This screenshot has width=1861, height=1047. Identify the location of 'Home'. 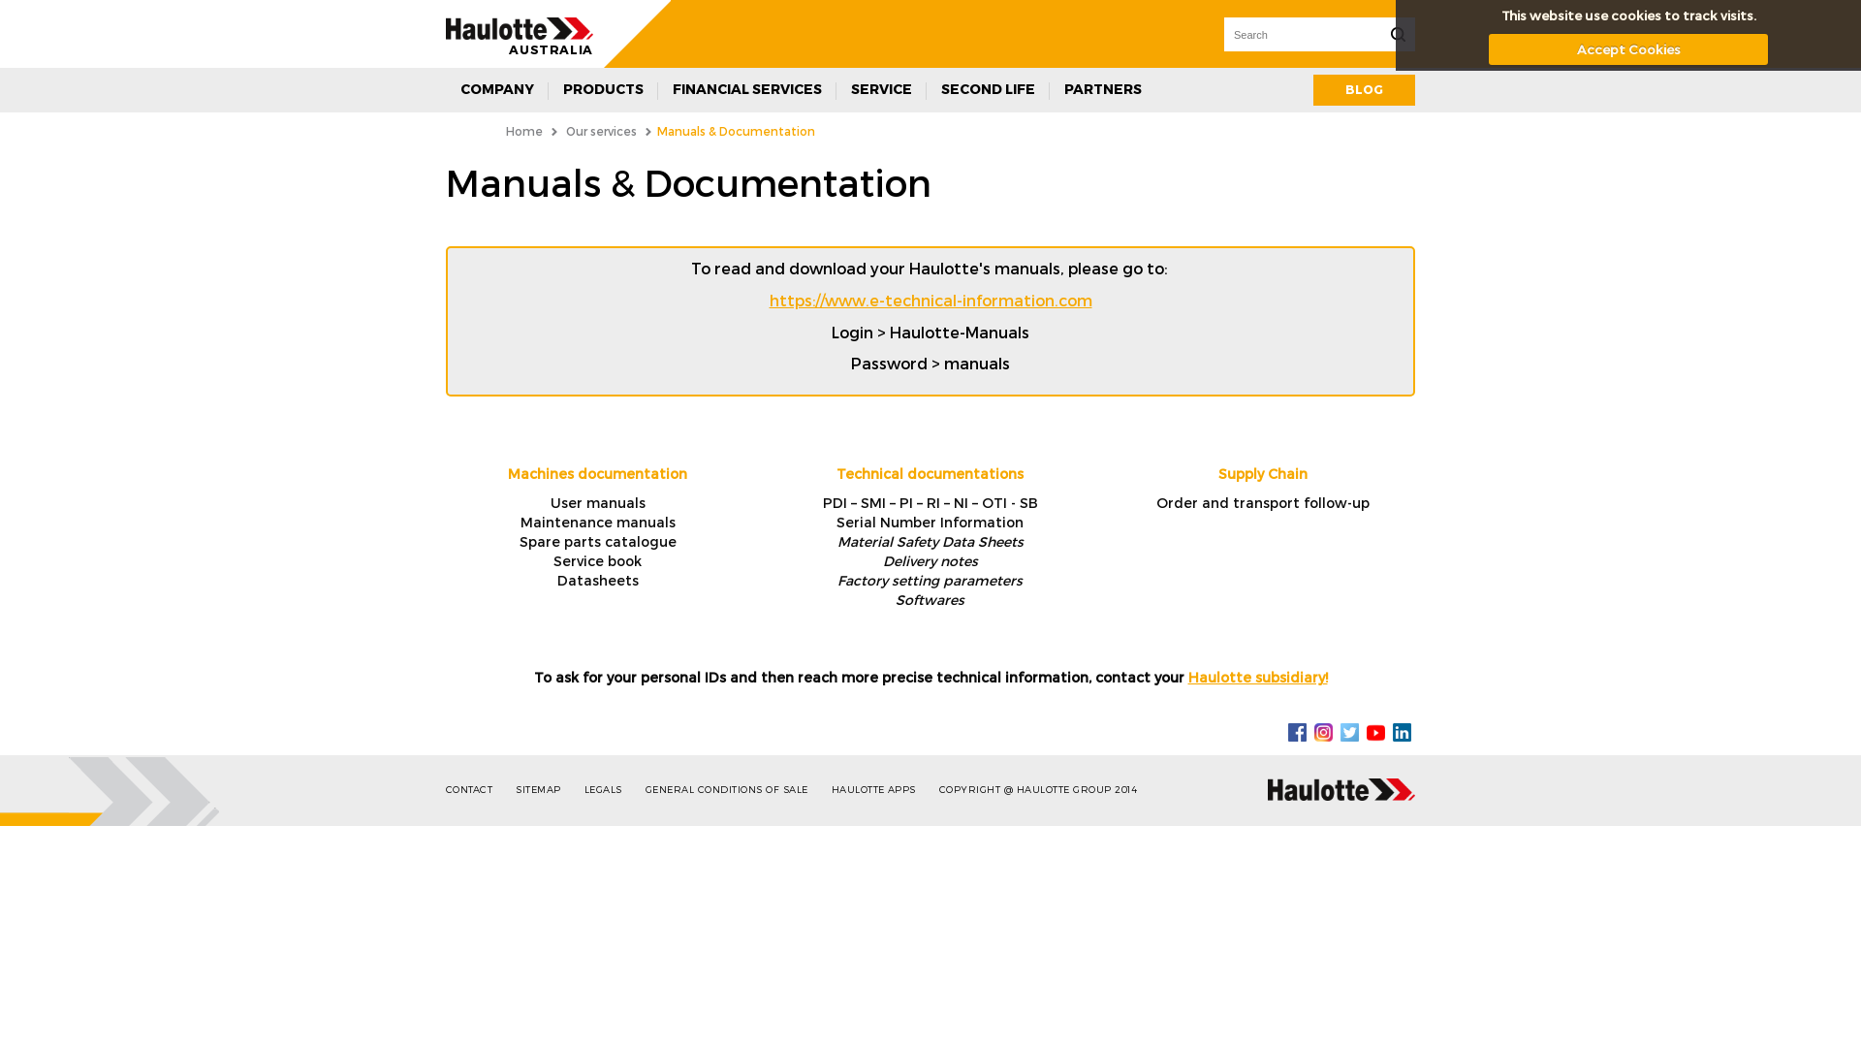
(524, 131).